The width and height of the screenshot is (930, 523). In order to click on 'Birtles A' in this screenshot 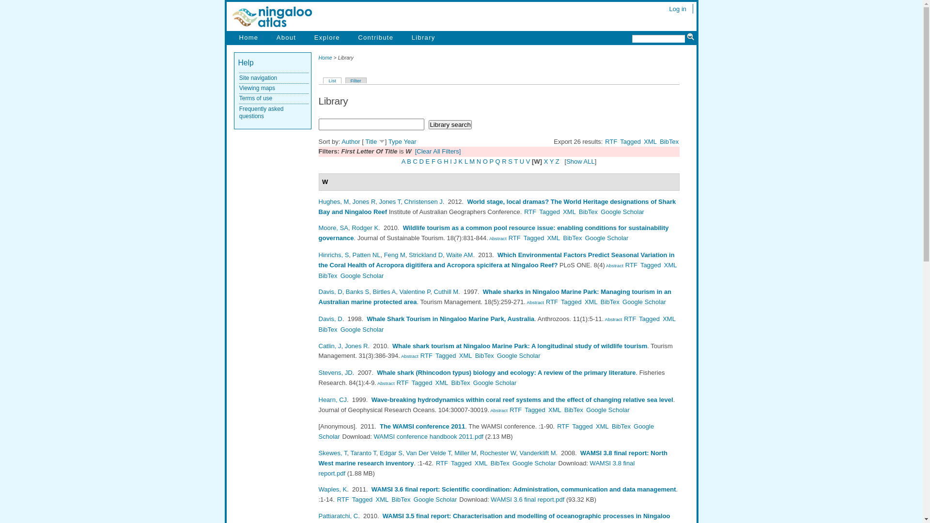, I will do `click(384, 291)`.